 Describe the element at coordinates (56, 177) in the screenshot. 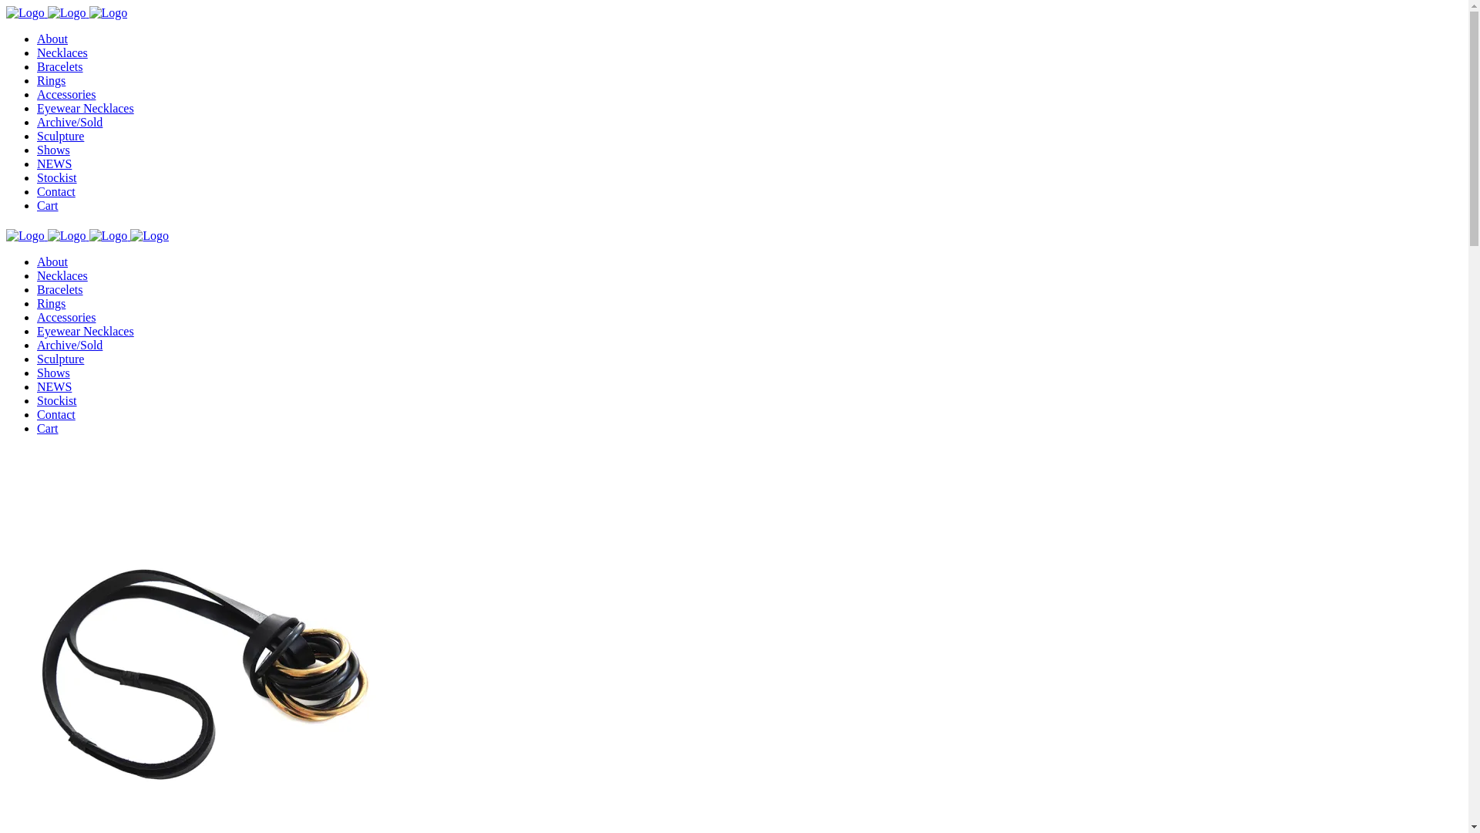

I see `'Stockist'` at that location.